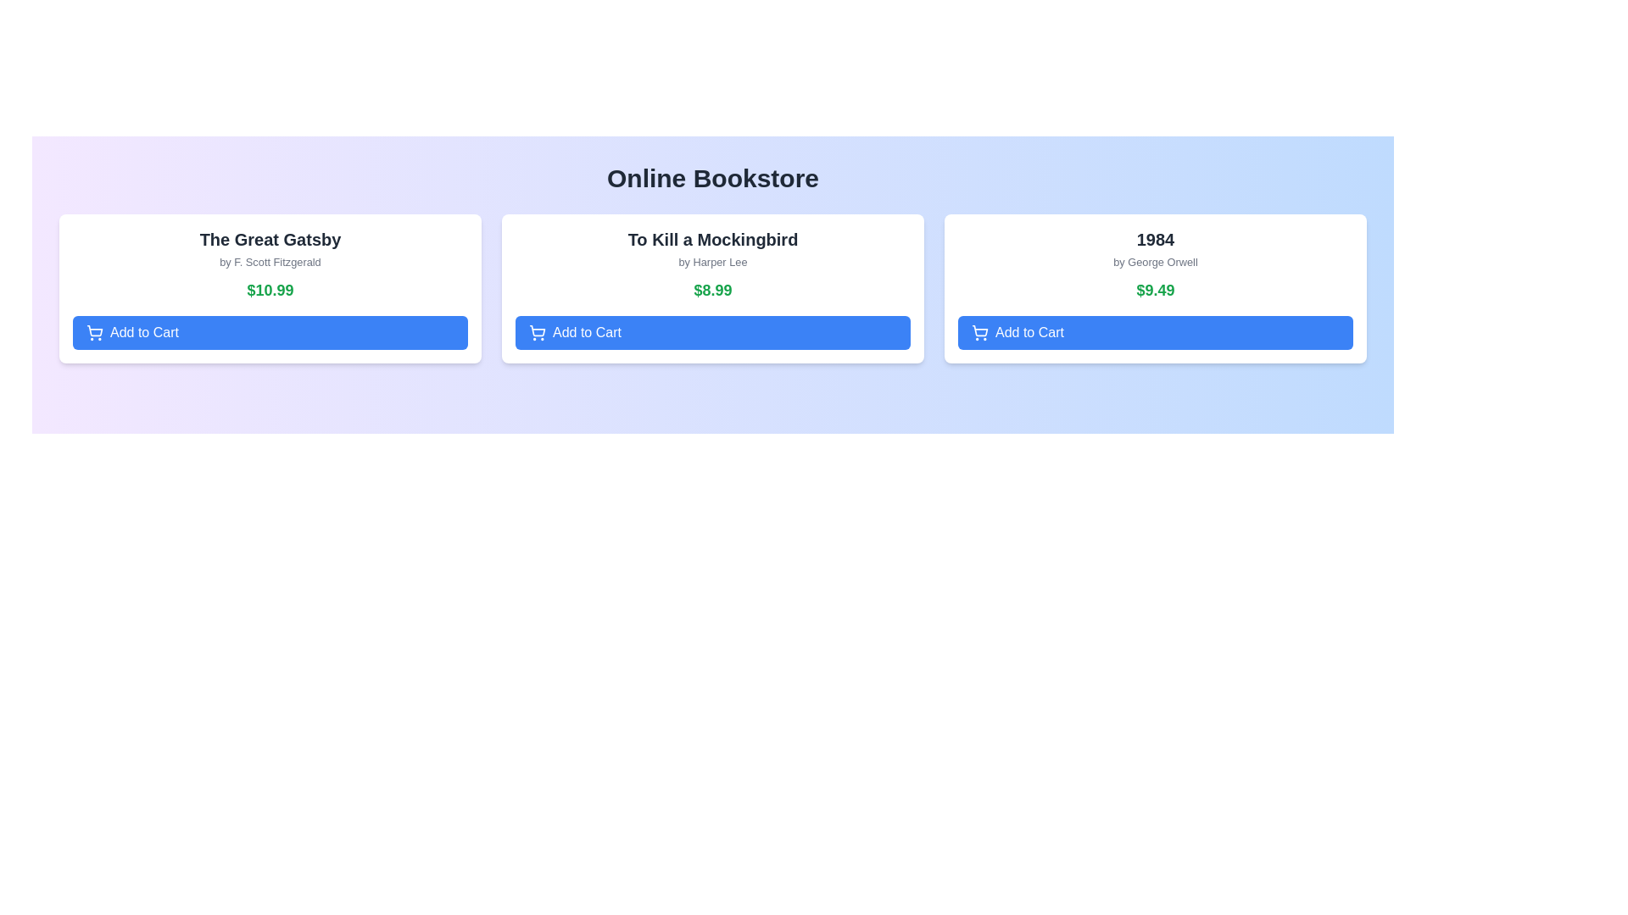 This screenshot has width=1628, height=915. I want to click on the price Text label located under the subtitle 'by Harper Lee' and above the 'Add to Cart' button in the central product card for accessibility, so click(712, 290).